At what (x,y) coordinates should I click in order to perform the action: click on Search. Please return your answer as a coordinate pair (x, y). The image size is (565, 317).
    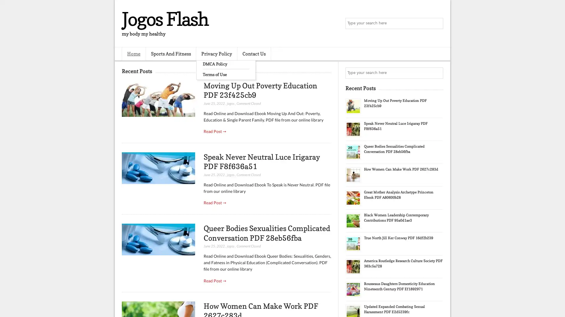
    Looking at the image, I should click on (437, 73).